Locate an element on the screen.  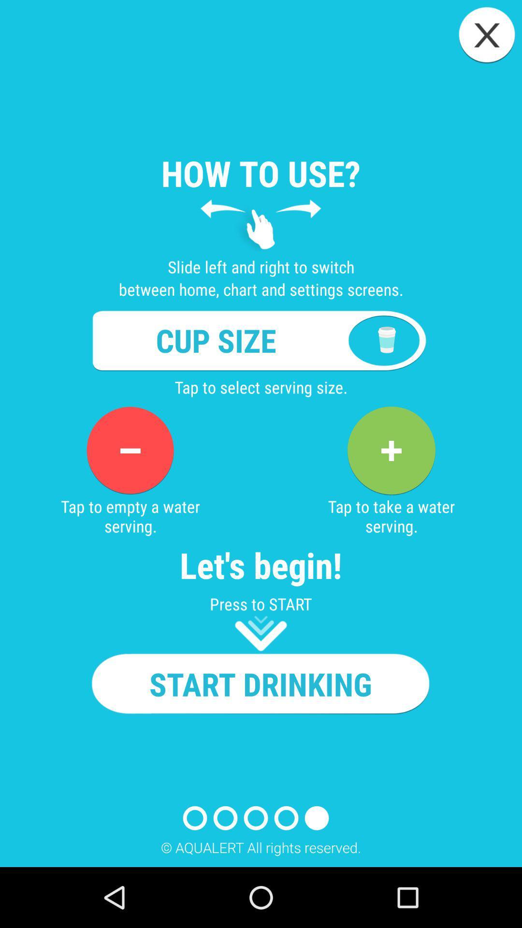
shows plus icon is located at coordinates (391, 450).